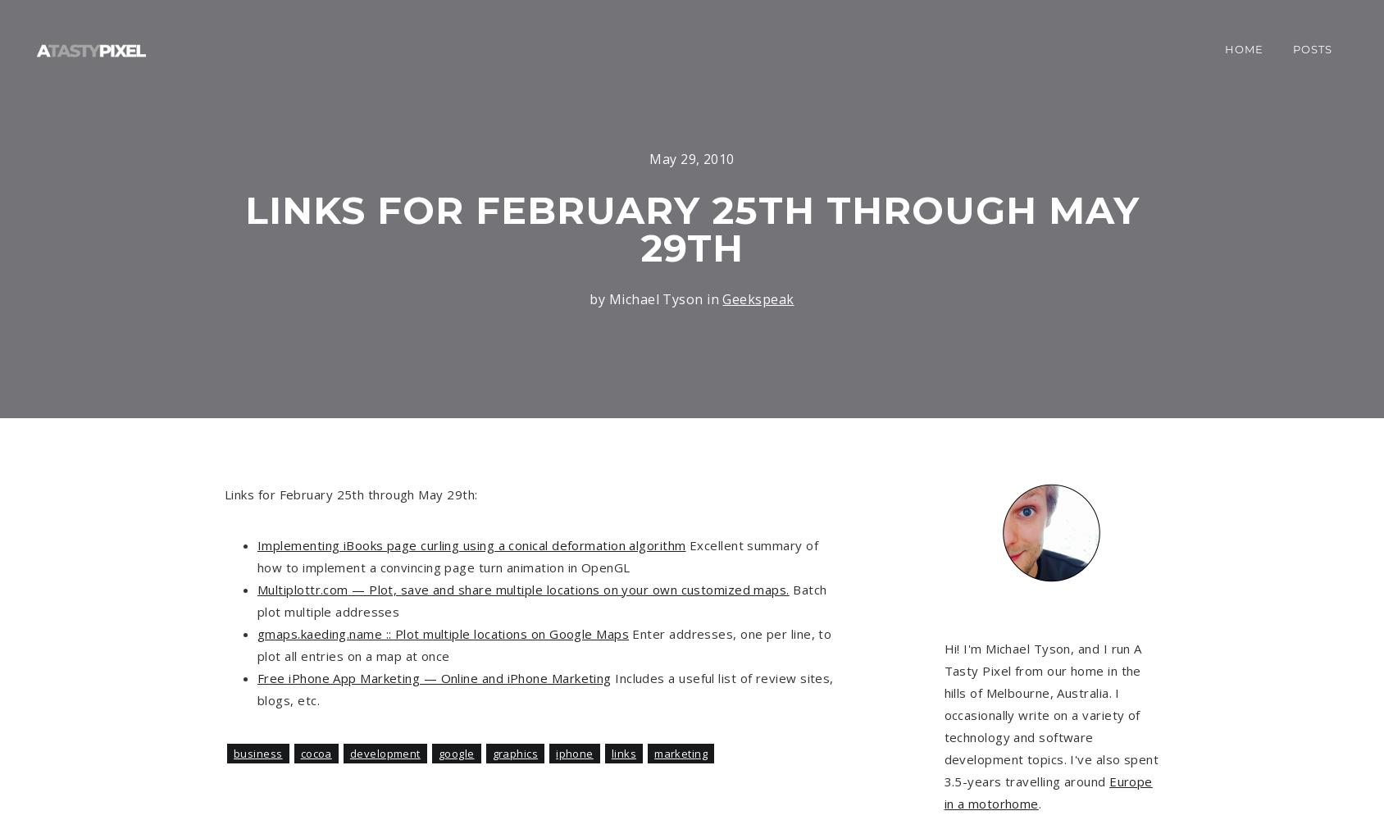 The height and width of the screenshot is (820, 1384). Describe the element at coordinates (1039, 802) in the screenshot. I see `'.'` at that location.